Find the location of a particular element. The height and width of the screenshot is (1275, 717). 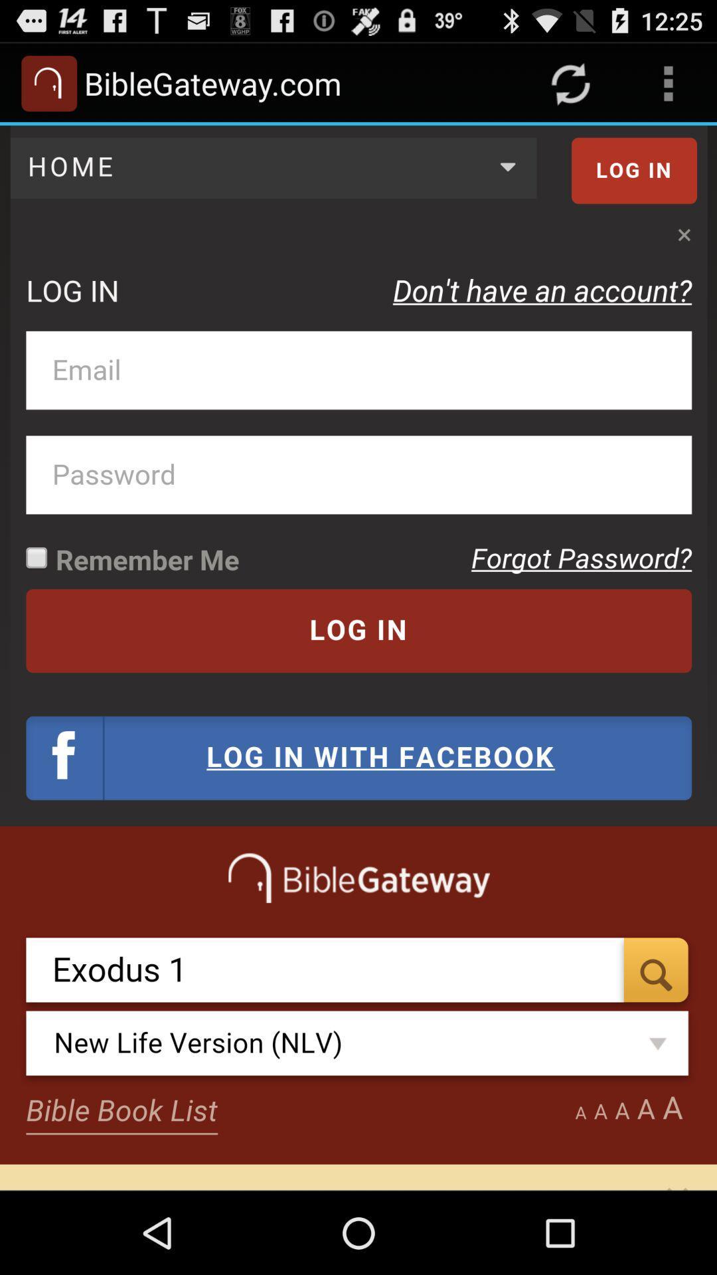

bible gateway.com details in screen is located at coordinates (358, 657).